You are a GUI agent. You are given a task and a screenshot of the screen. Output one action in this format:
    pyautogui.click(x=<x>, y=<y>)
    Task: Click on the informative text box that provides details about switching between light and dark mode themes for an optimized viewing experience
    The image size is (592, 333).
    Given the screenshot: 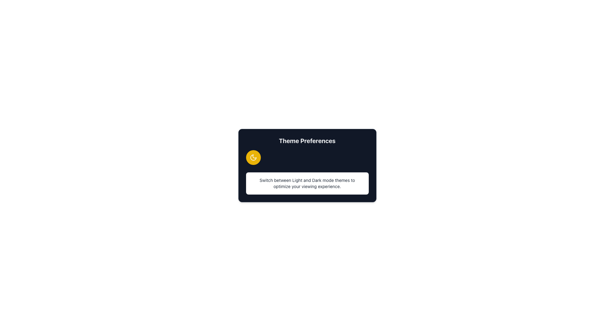 What is the action you would take?
    pyautogui.click(x=307, y=183)
    